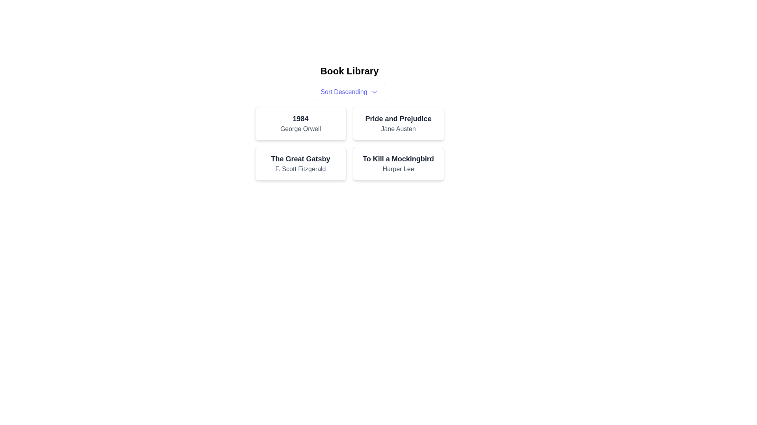 This screenshot has width=757, height=425. What do you see at coordinates (398, 168) in the screenshot?
I see `author label text located directly below the title 'To Kill a Mockingbird' within the card` at bounding box center [398, 168].